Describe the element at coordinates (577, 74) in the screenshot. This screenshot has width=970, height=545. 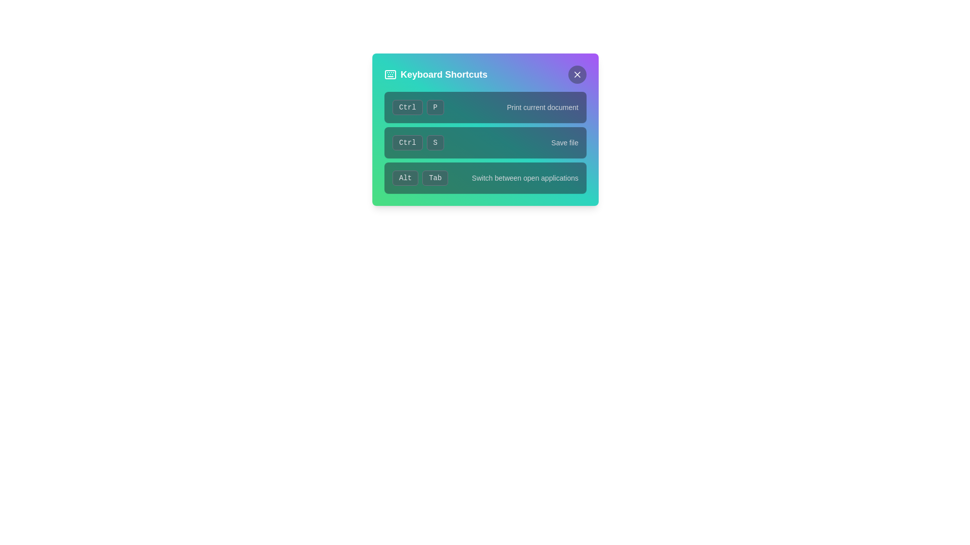
I see `the Close button icon located in the top-right corner of the 'Keyboard Shortcuts' modal, which appears as a minimalistic 'X' within a circular button` at that location.